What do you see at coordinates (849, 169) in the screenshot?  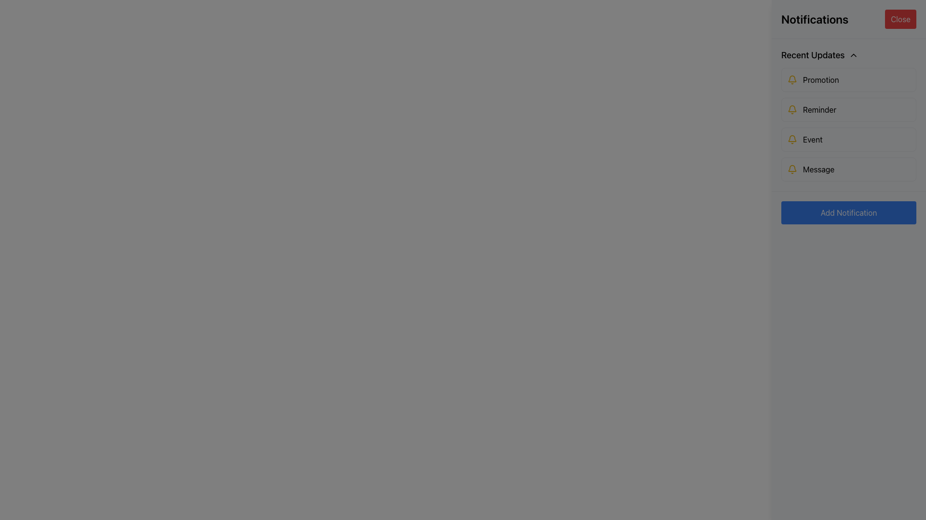 I see `the fourth notification item in the 'Recent Updates' section, which represents a 'Message' update` at bounding box center [849, 169].